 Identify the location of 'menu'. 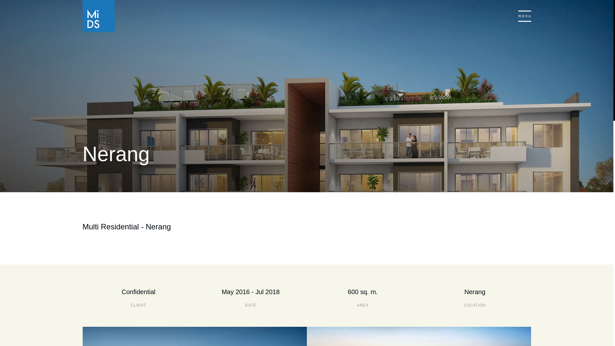
(524, 15).